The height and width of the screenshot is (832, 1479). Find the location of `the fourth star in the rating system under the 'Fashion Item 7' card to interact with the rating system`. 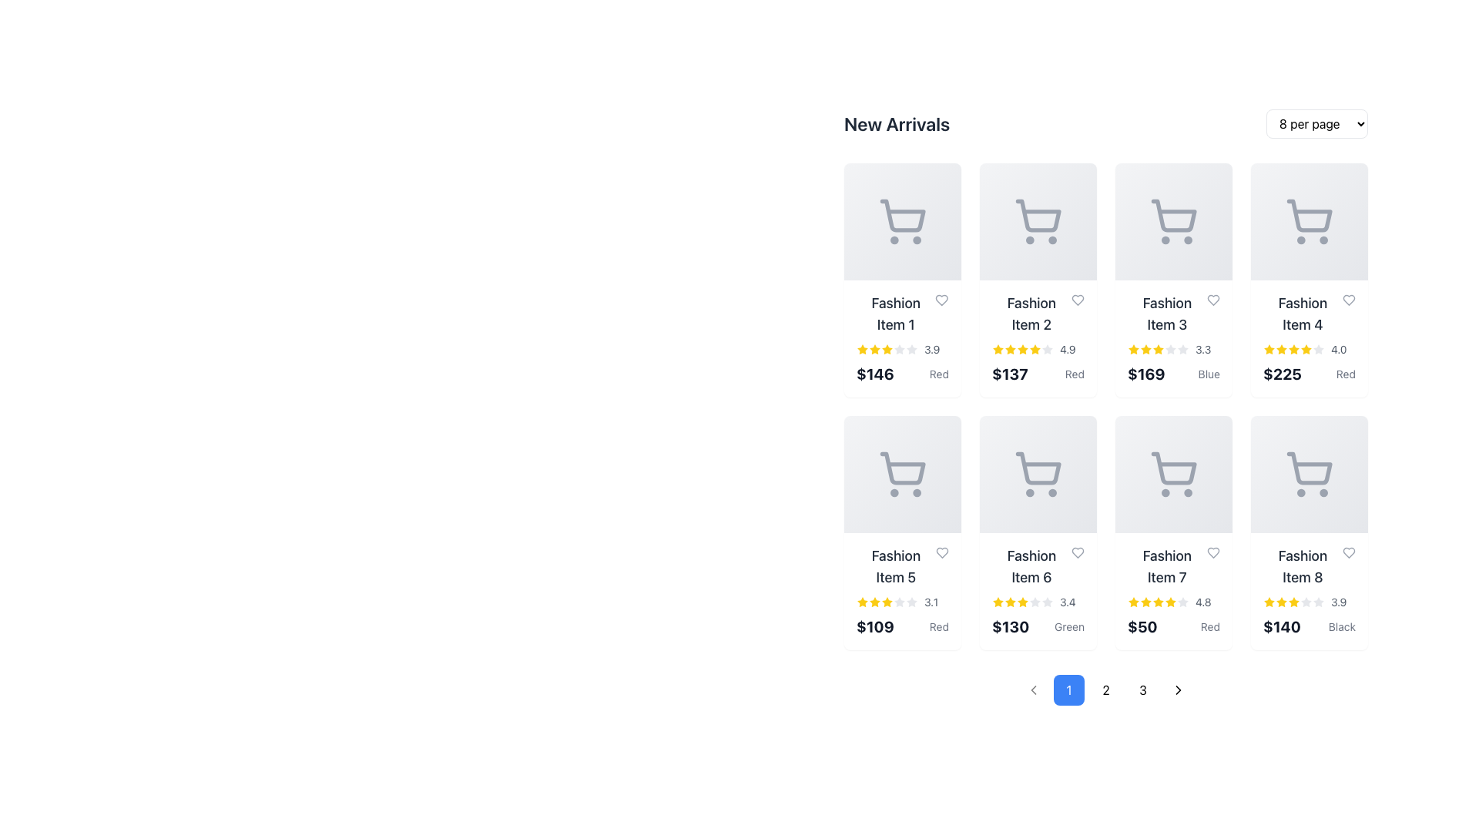

the fourth star in the rating system under the 'Fashion Item 7' card to interact with the rating system is located at coordinates (1146, 601).